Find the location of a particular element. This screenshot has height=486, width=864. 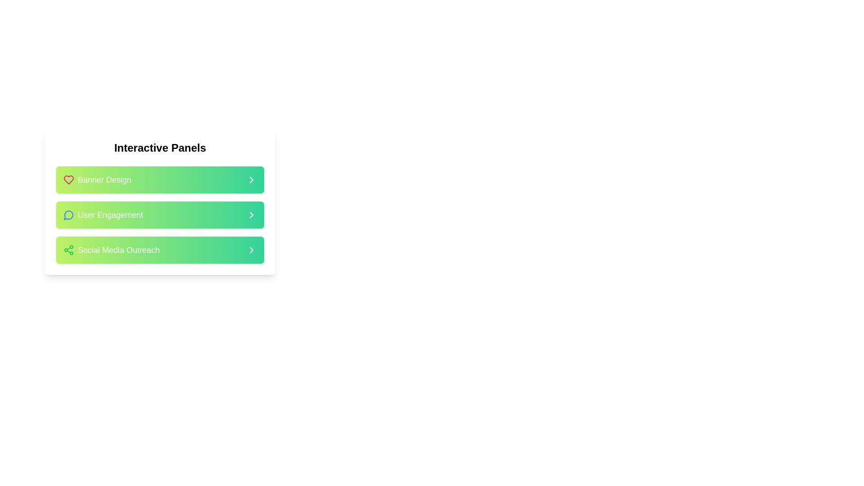

the heart icon that signifies a 'like' or 'favorite' feature, located next to the text 'Banner Design' in the first entry of the list is located at coordinates (68, 180).